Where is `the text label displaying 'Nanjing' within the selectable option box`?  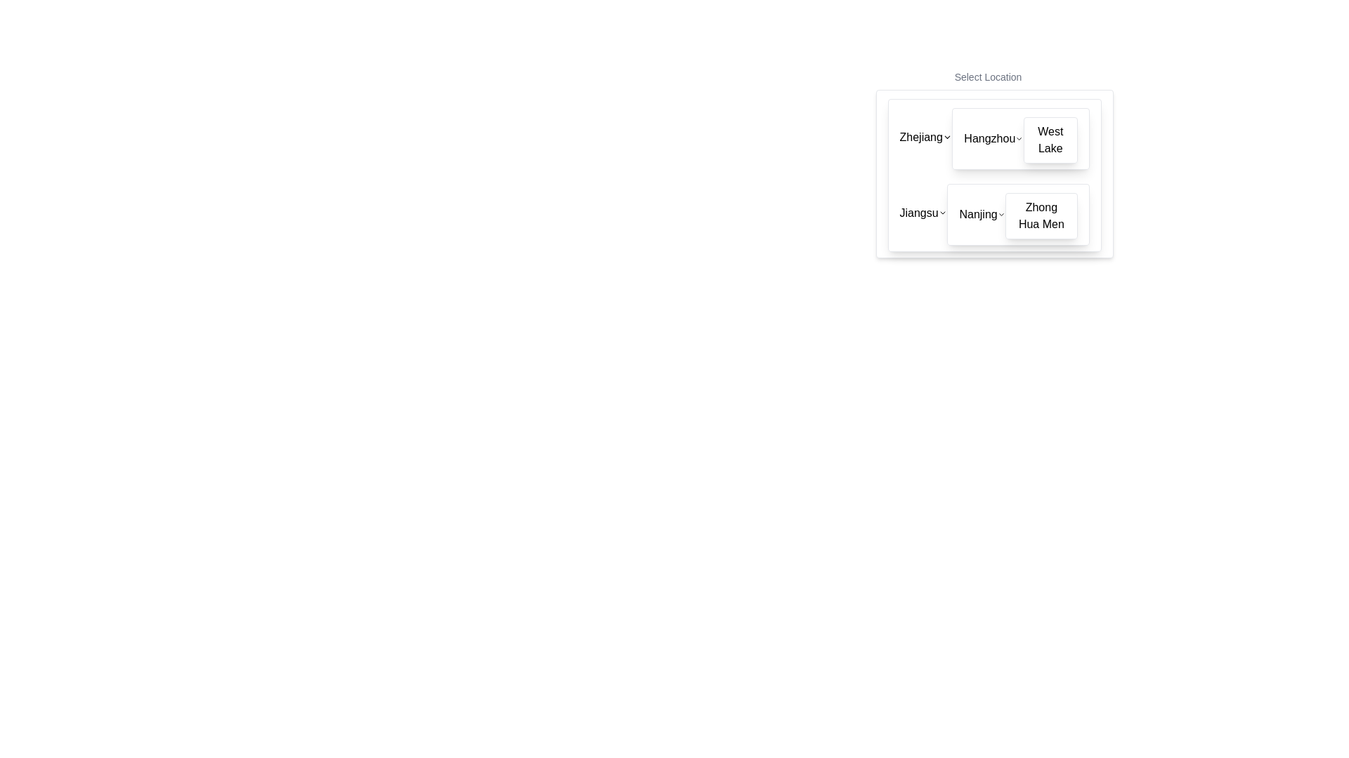
the text label displaying 'Nanjing' within the selectable option box is located at coordinates (977, 214).